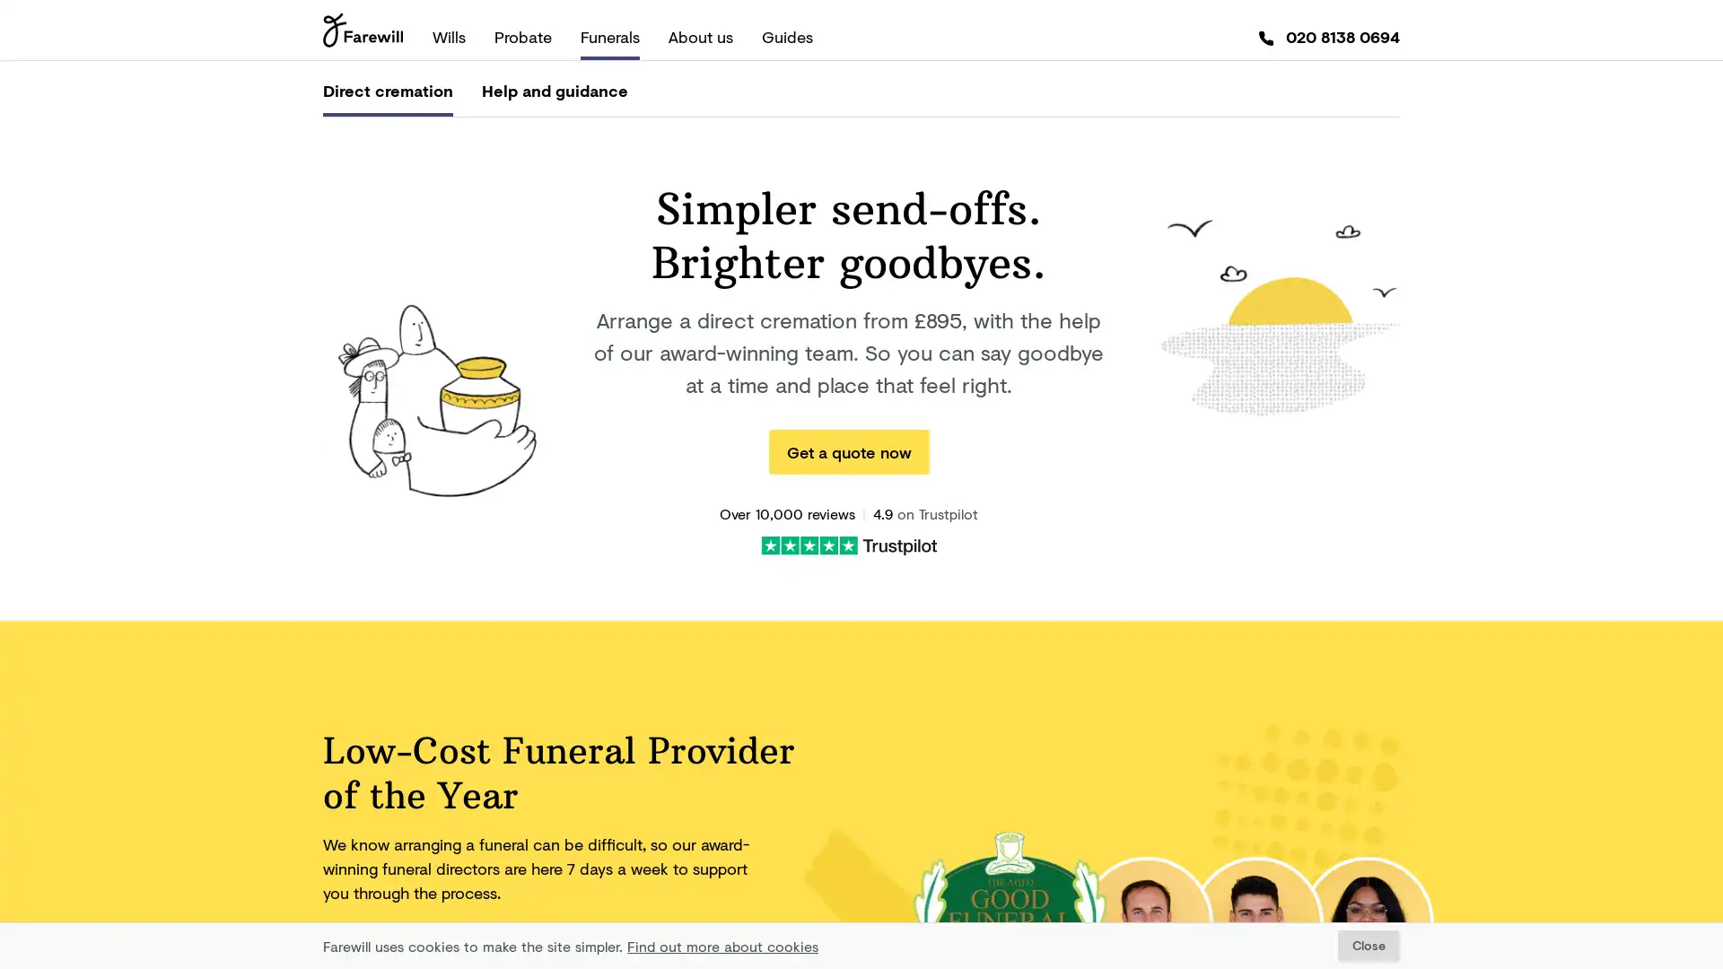  What do you see at coordinates (1368, 945) in the screenshot?
I see `Close cookie banner` at bounding box center [1368, 945].